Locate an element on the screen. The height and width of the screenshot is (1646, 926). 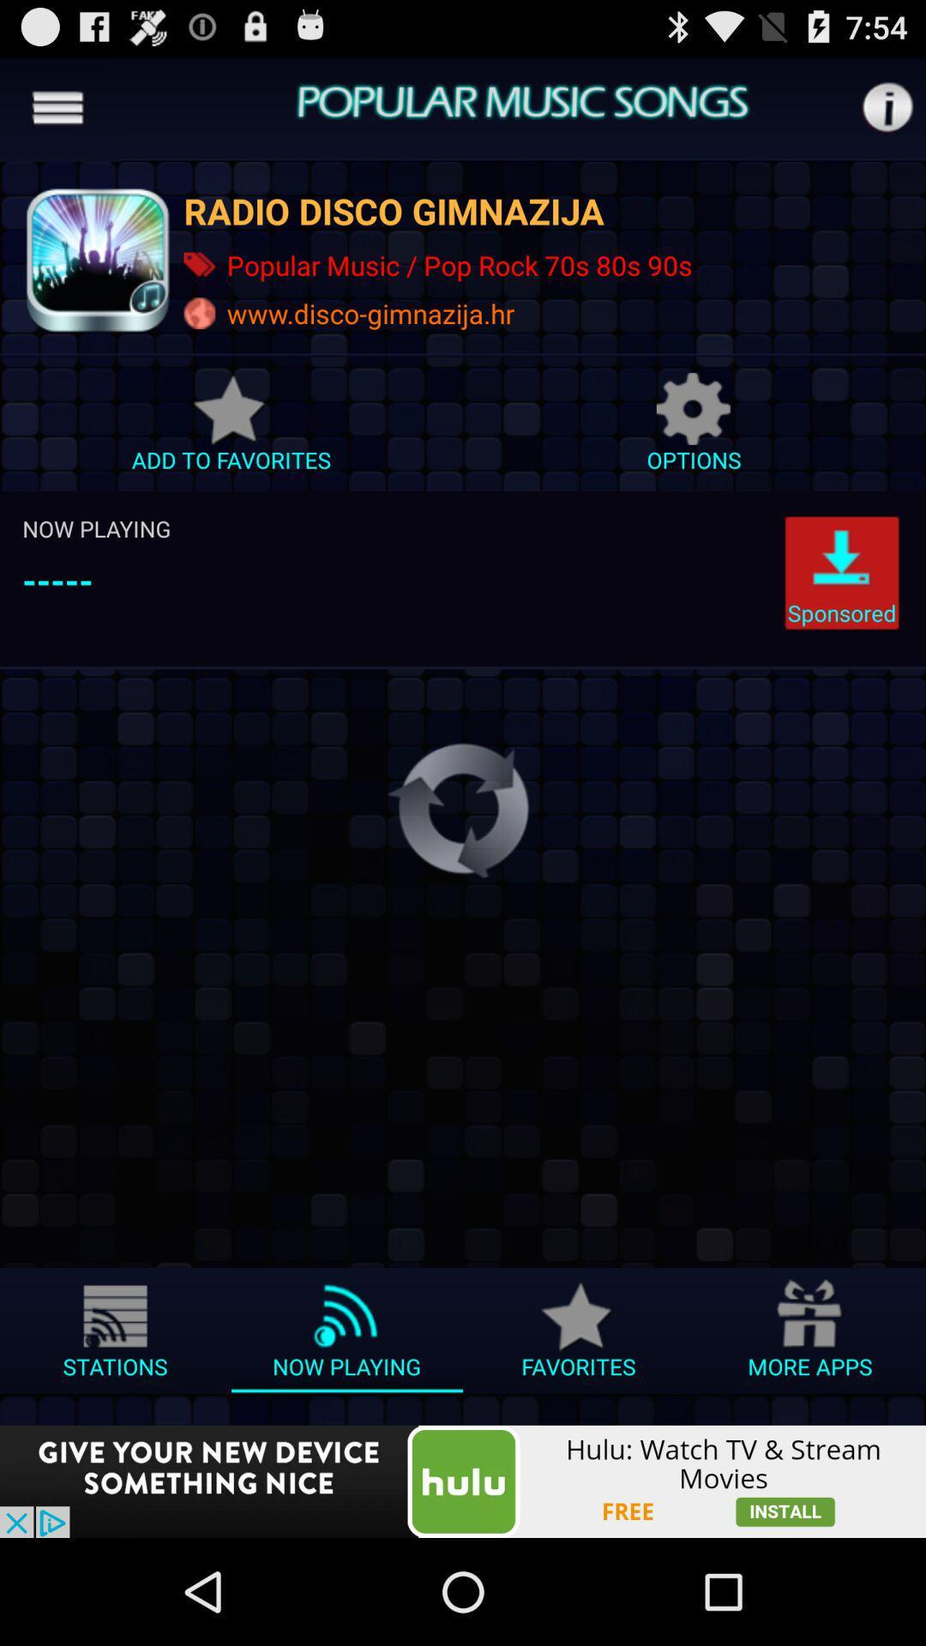
the button which is left side of the more apps is located at coordinates (579, 1336).